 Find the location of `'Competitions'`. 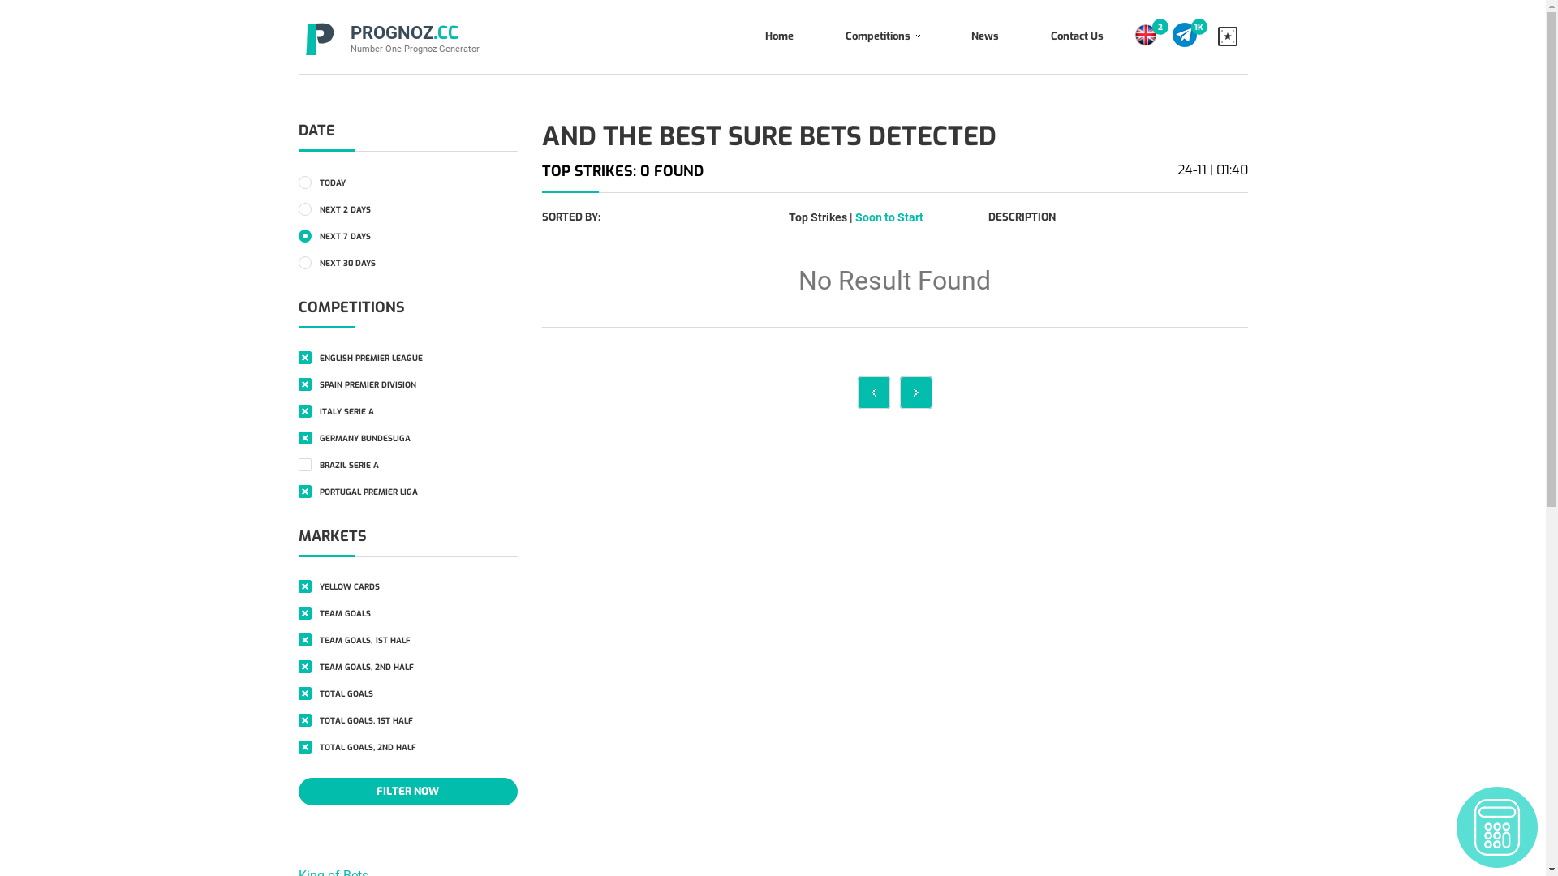

'Competitions' is located at coordinates (819, 36).